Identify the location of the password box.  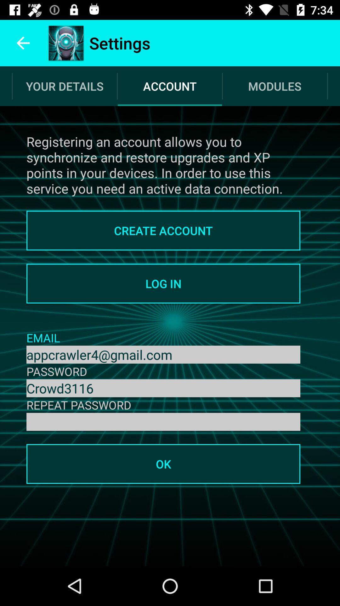
(163, 422).